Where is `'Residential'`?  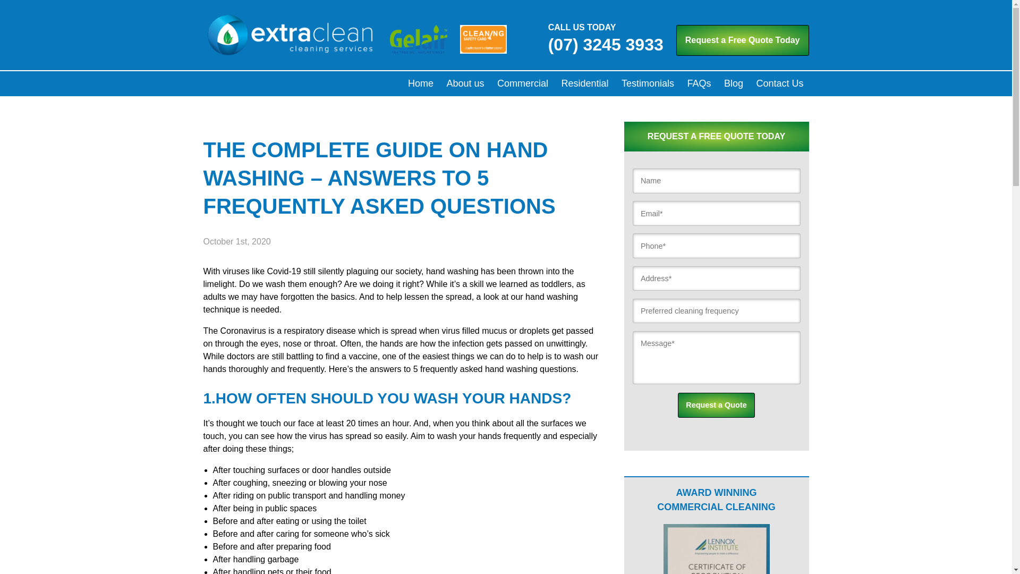 'Residential' is located at coordinates (584, 83).